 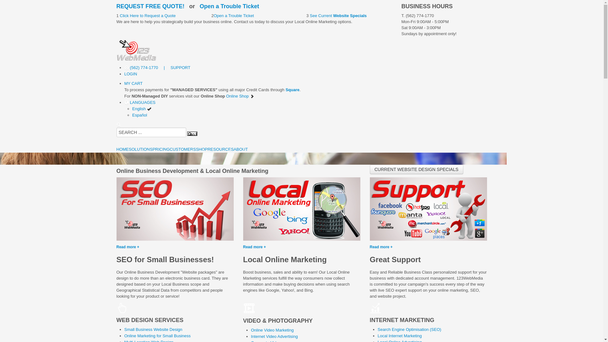 What do you see at coordinates (141, 108) in the screenshot?
I see `'English'` at bounding box center [141, 108].